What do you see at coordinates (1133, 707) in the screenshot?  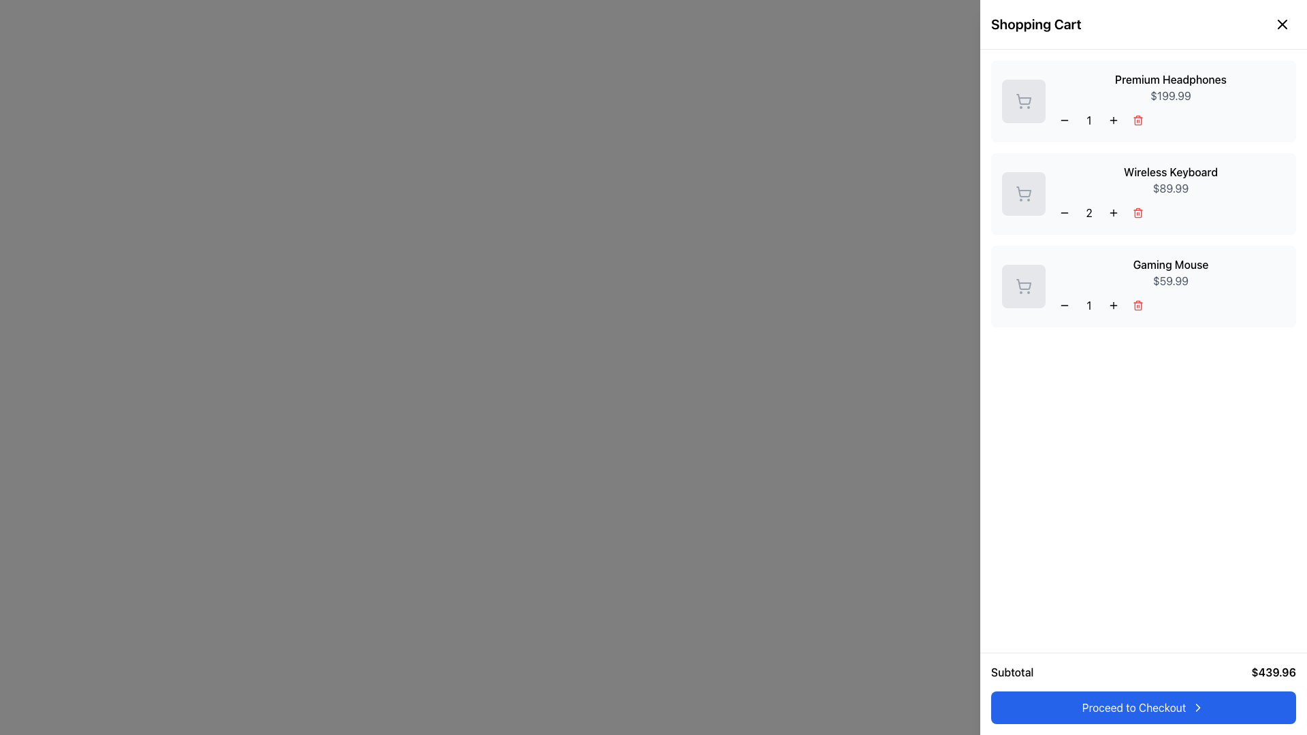 I see `the 'Proceed to Checkout' button, which contains the text label for proceeding to the checkout page in the shopping cart interface` at bounding box center [1133, 707].